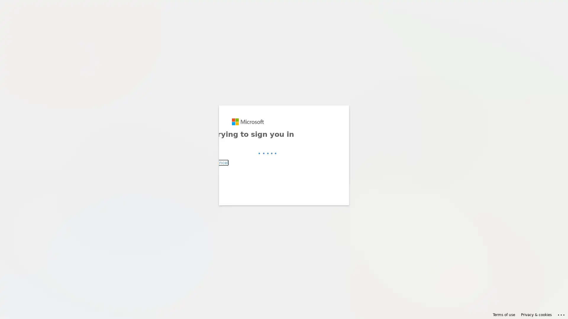 The height and width of the screenshot is (319, 568). What do you see at coordinates (287, 176) in the screenshot?
I see `Back` at bounding box center [287, 176].